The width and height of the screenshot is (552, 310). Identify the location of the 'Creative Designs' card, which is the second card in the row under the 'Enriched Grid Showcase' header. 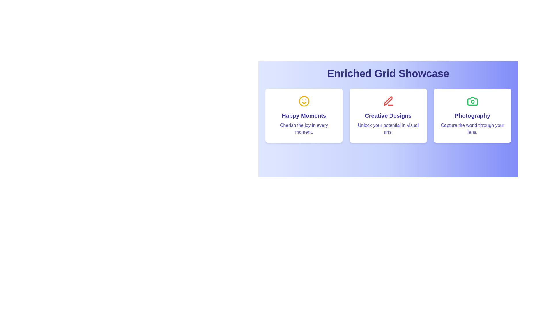
(388, 115).